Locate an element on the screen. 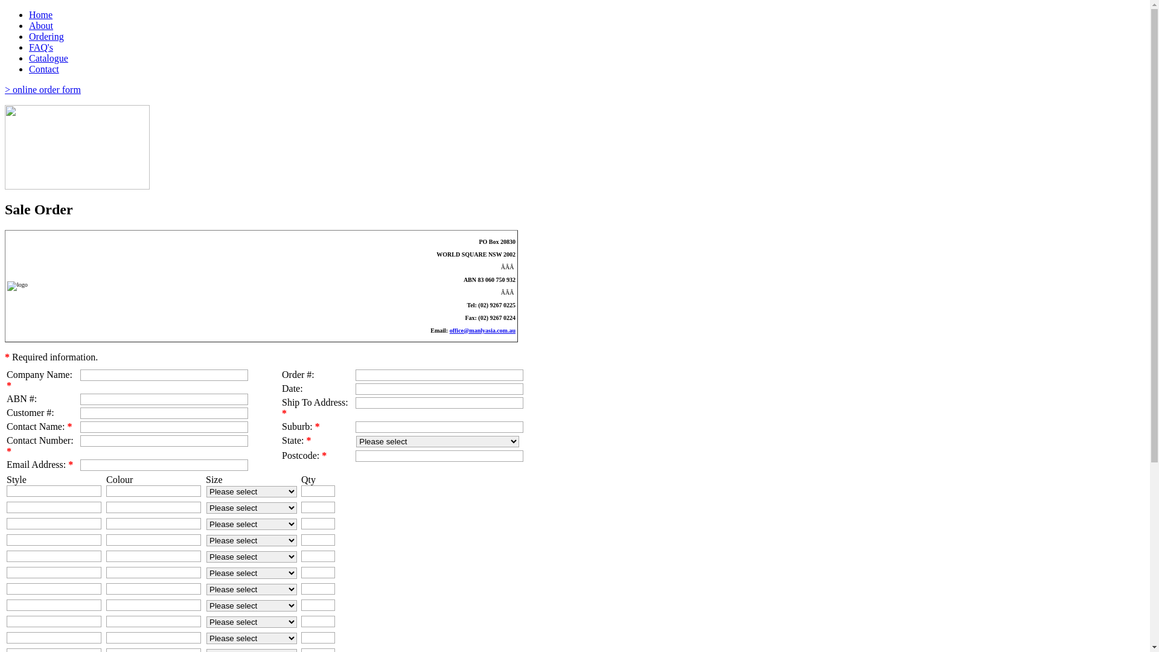 The image size is (1159, 652). '> online order form' is located at coordinates (43, 89).